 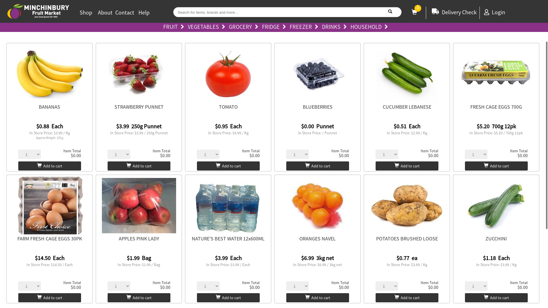 What do you see at coordinates (406, 206) in the screenshot?
I see `'Show details for POTATOES BRUSHED LOOSE'` at bounding box center [406, 206].